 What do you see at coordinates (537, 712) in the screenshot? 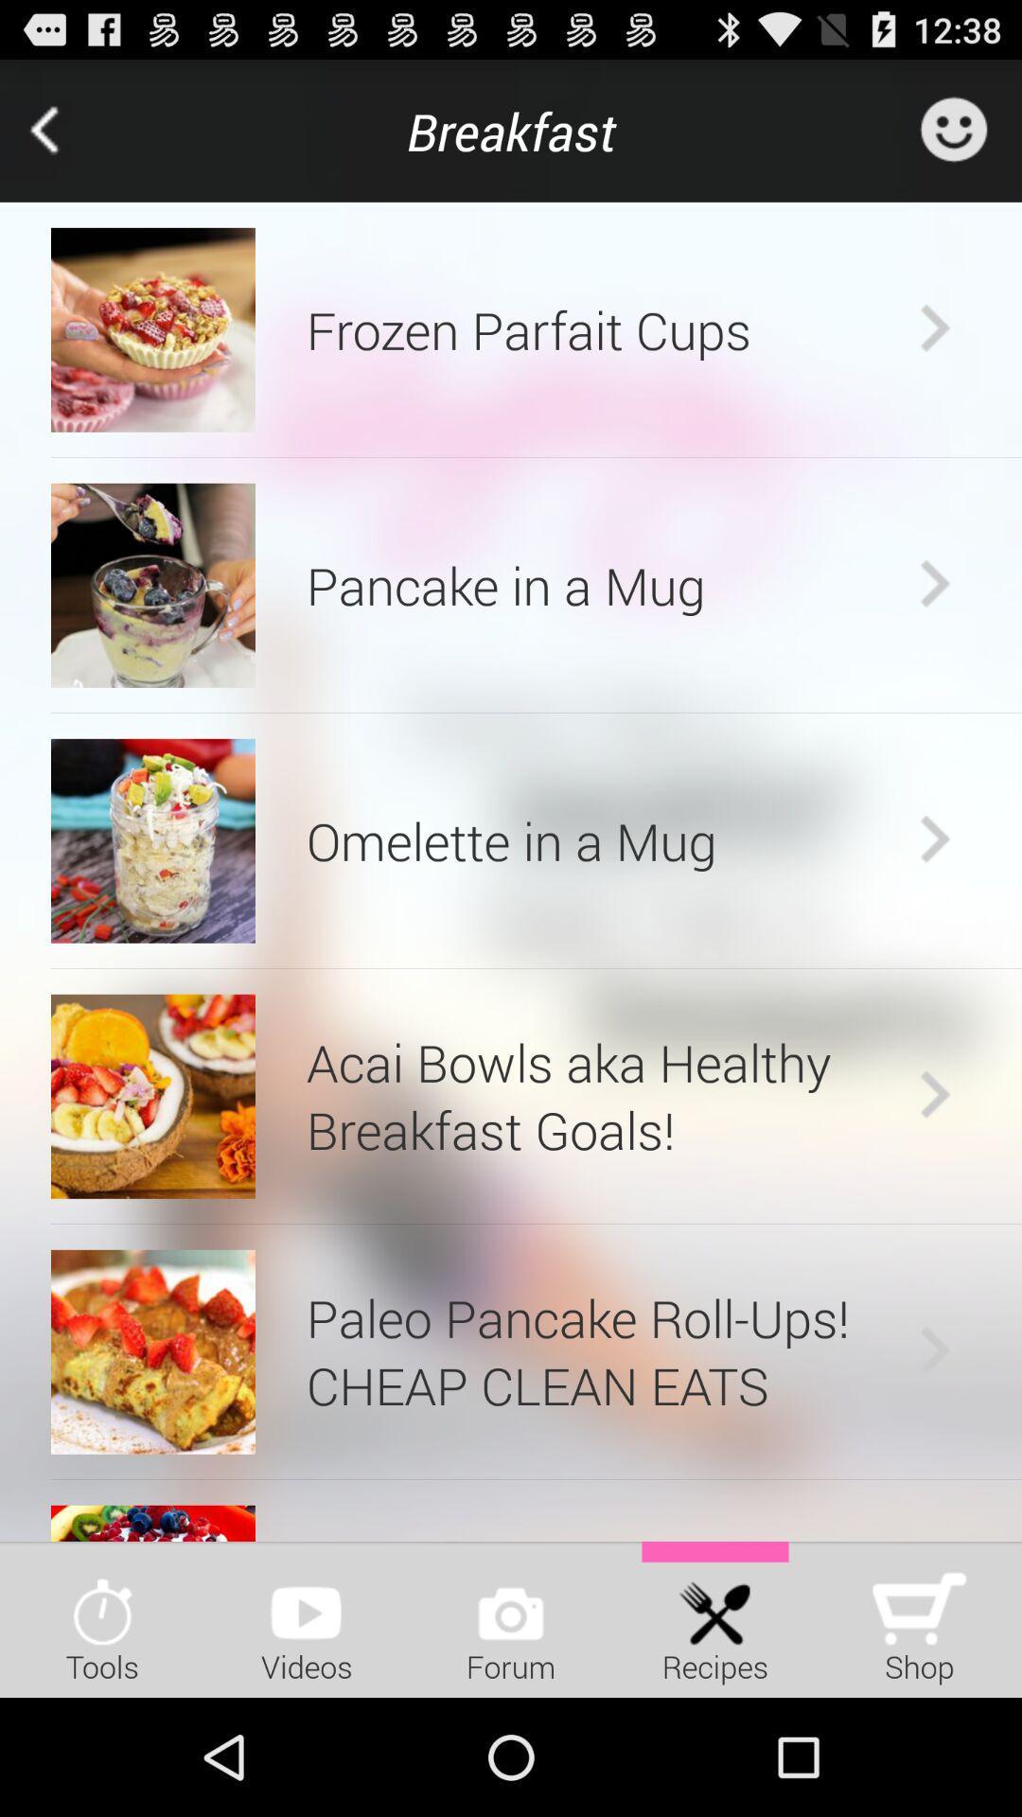
I see `the item above omelette in a` at bounding box center [537, 712].